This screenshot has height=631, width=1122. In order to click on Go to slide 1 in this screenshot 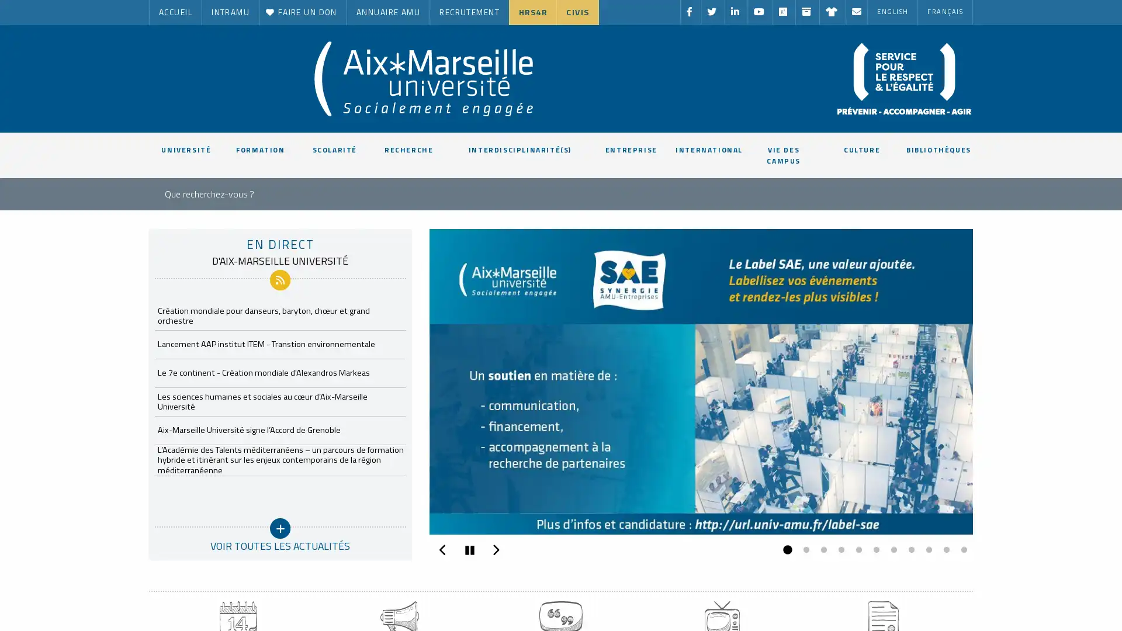, I will do `click(785, 550)`.